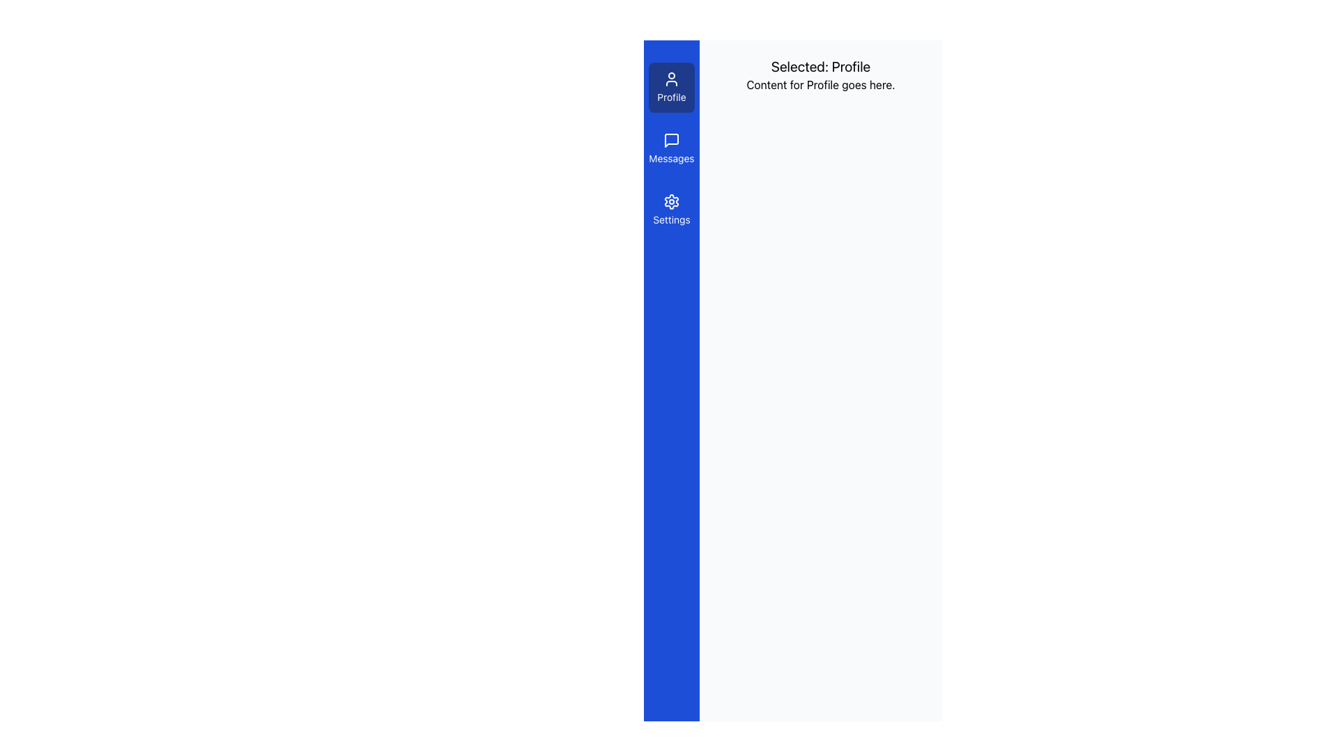  I want to click on the 'Profile' button, which has a rounded rectangle shape with a deep blue background and a white user icon above the text, so click(672, 88).